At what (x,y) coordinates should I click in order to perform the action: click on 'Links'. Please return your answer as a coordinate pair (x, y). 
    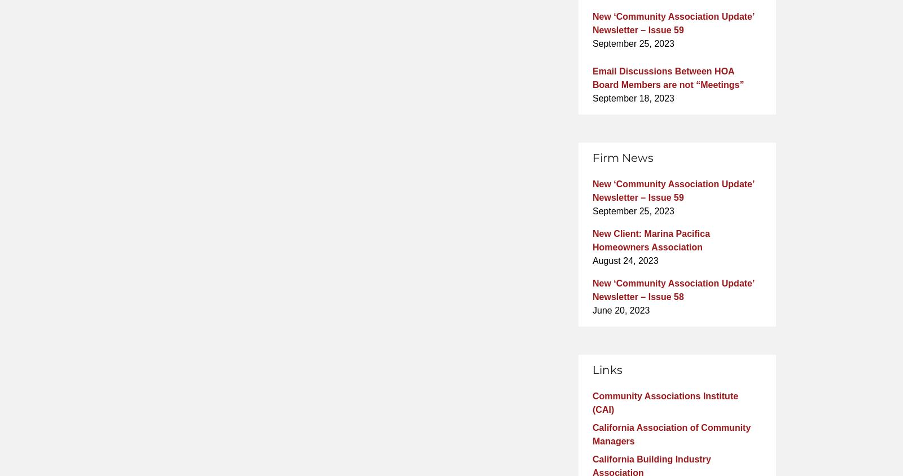
    Looking at the image, I should click on (607, 369).